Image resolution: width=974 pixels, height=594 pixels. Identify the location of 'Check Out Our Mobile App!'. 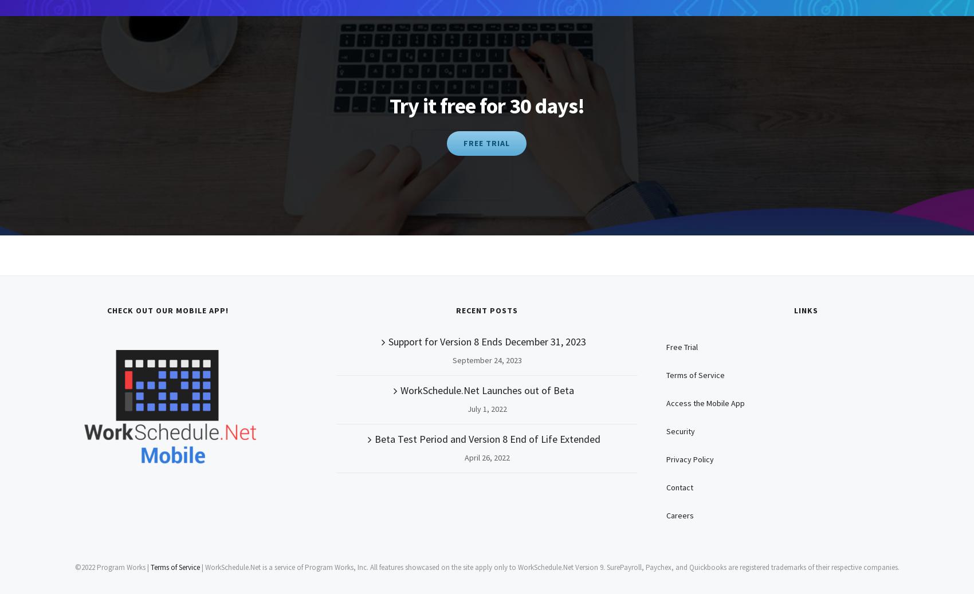
(107, 310).